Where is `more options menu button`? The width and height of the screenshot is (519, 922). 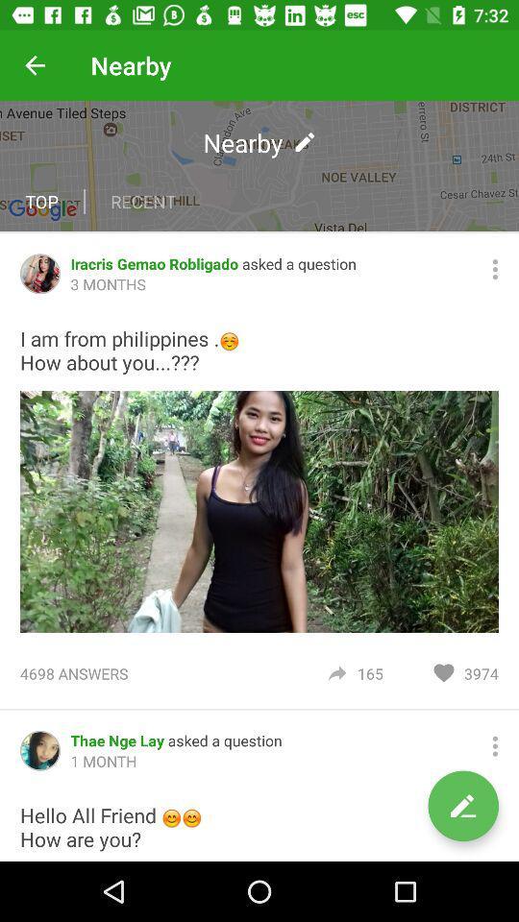
more options menu button is located at coordinates (495, 745).